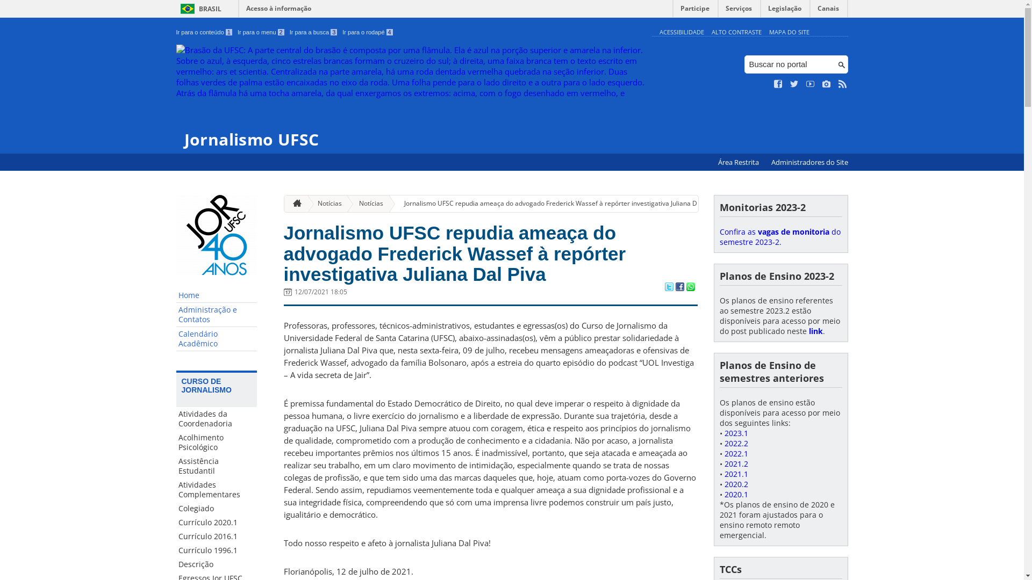 The height and width of the screenshot is (580, 1032). I want to click on 'Veja no Instagram', so click(826, 84).